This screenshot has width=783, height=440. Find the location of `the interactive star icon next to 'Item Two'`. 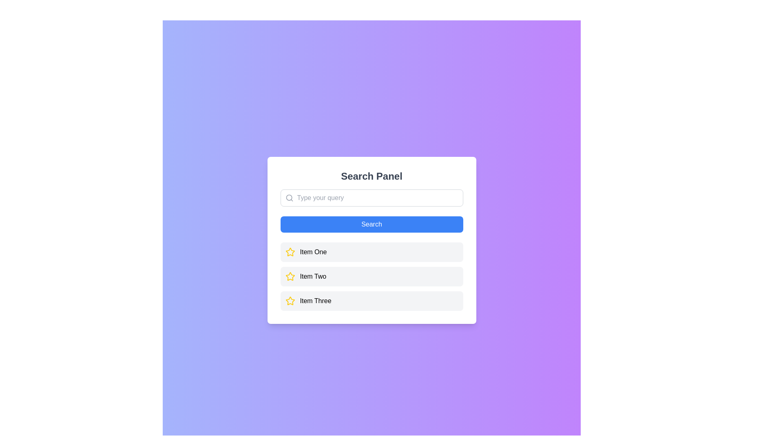

the interactive star icon next to 'Item Two' is located at coordinates (290, 276).